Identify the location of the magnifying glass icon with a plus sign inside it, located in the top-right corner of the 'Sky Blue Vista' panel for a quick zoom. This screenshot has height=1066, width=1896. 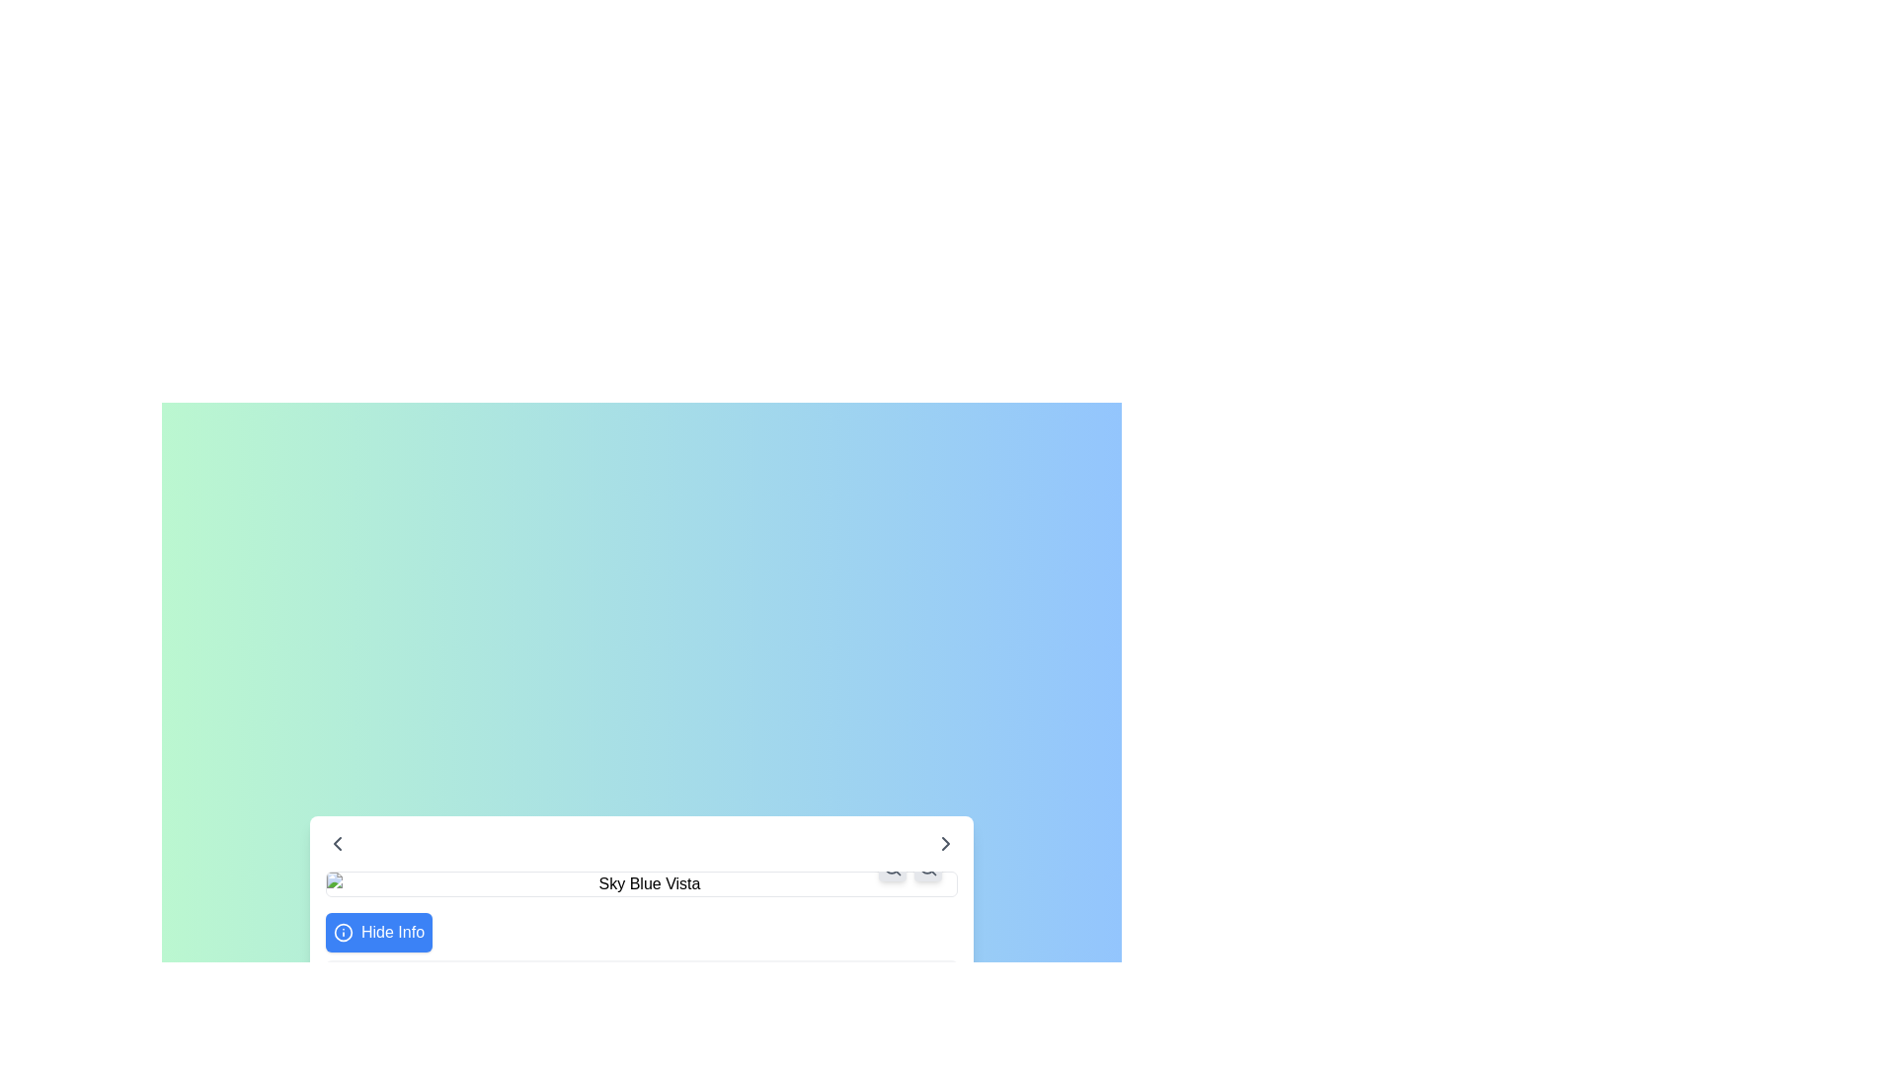
(927, 867).